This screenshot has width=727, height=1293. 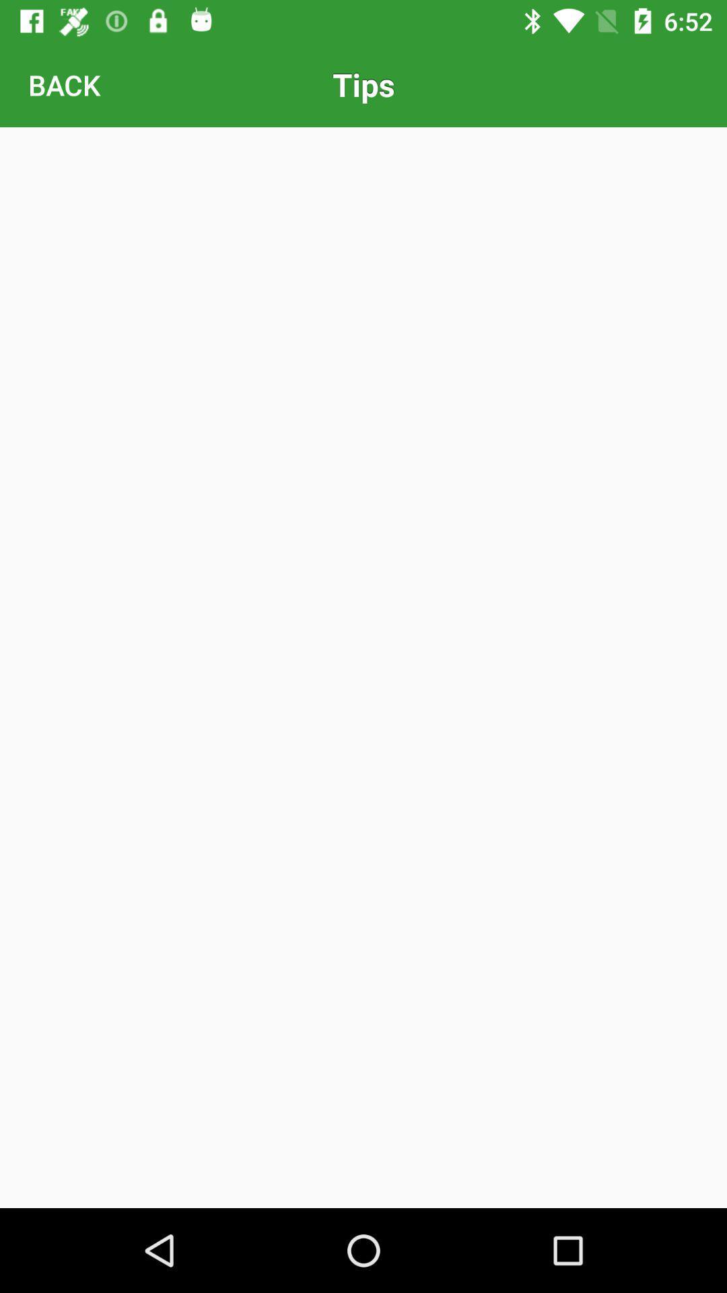 I want to click on the icon at the top left corner, so click(x=64, y=84).